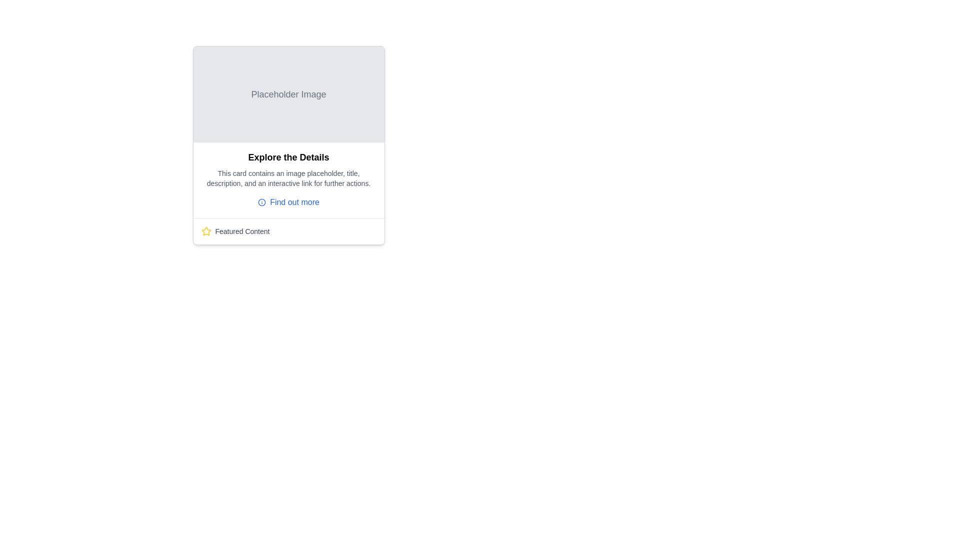  What do you see at coordinates (288, 180) in the screenshot?
I see `the interactive link labeled 'Find out more' within the Content card section that includes the title 'Explore the Details' for accessibility support` at bounding box center [288, 180].